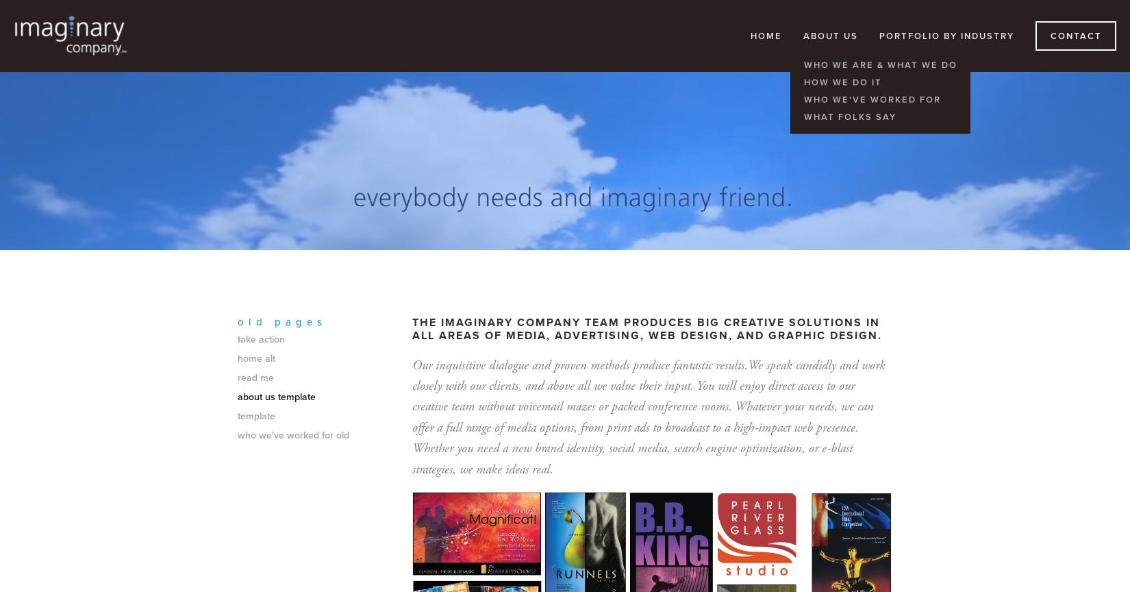  I want to click on 'Home Alt', so click(256, 358).